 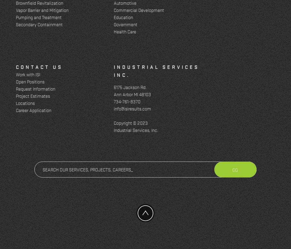 What do you see at coordinates (15, 88) in the screenshot?
I see `'Request Information'` at bounding box center [15, 88].